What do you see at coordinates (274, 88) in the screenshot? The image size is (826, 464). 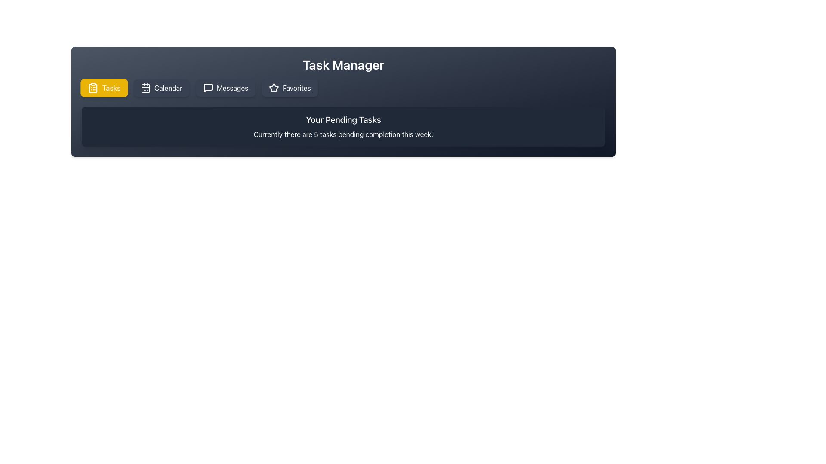 I see `the star icon representing the 'Favorites' action in the menu bar` at bounding box center [274, 88].